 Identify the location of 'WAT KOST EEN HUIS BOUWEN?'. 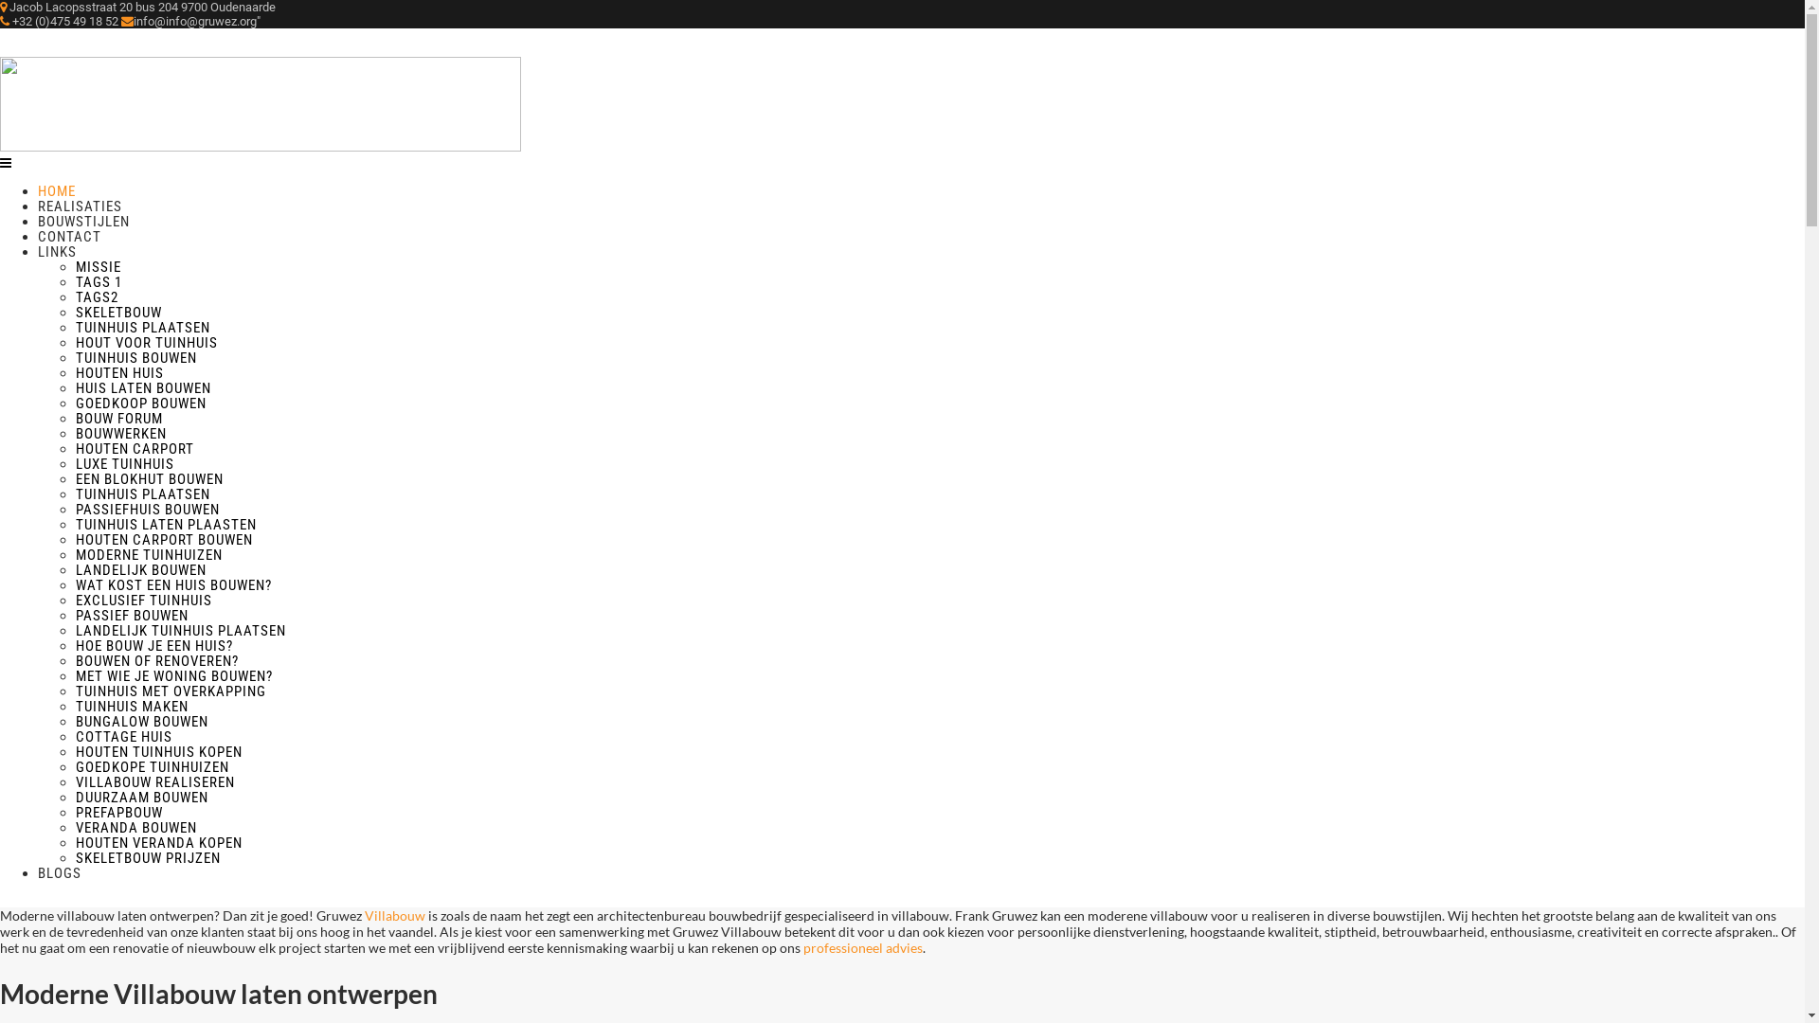
(76, 583).